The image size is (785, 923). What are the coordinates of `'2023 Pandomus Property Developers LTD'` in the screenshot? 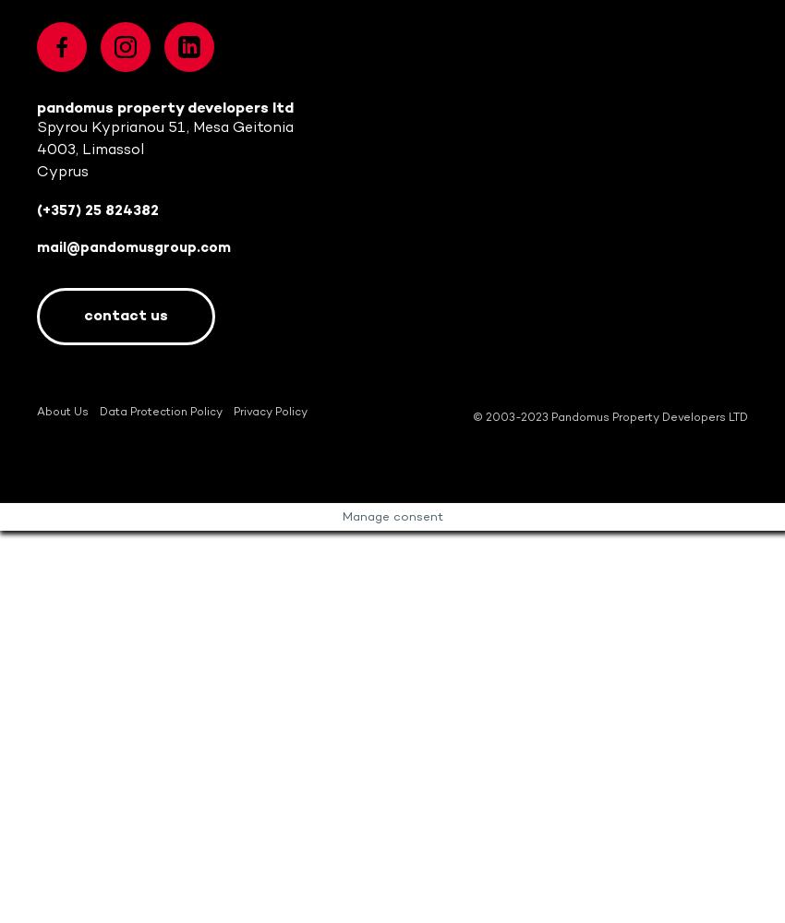 It's located at (633, 416).